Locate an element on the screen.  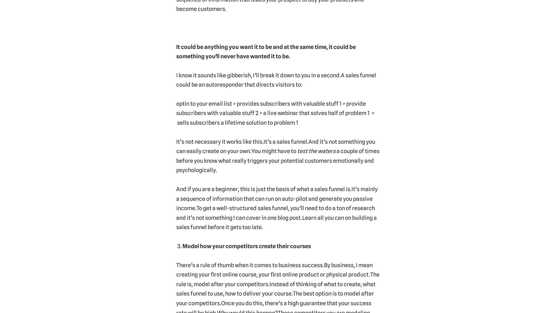
'I know it sounds like gibberish, I’ll break it down to you in a second.' is located at coordinates (258, 75).